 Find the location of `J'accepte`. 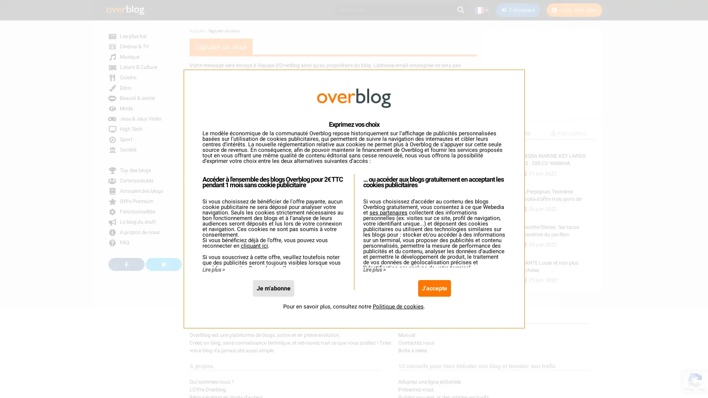

J'accepte is located at coordinates (434, 287).